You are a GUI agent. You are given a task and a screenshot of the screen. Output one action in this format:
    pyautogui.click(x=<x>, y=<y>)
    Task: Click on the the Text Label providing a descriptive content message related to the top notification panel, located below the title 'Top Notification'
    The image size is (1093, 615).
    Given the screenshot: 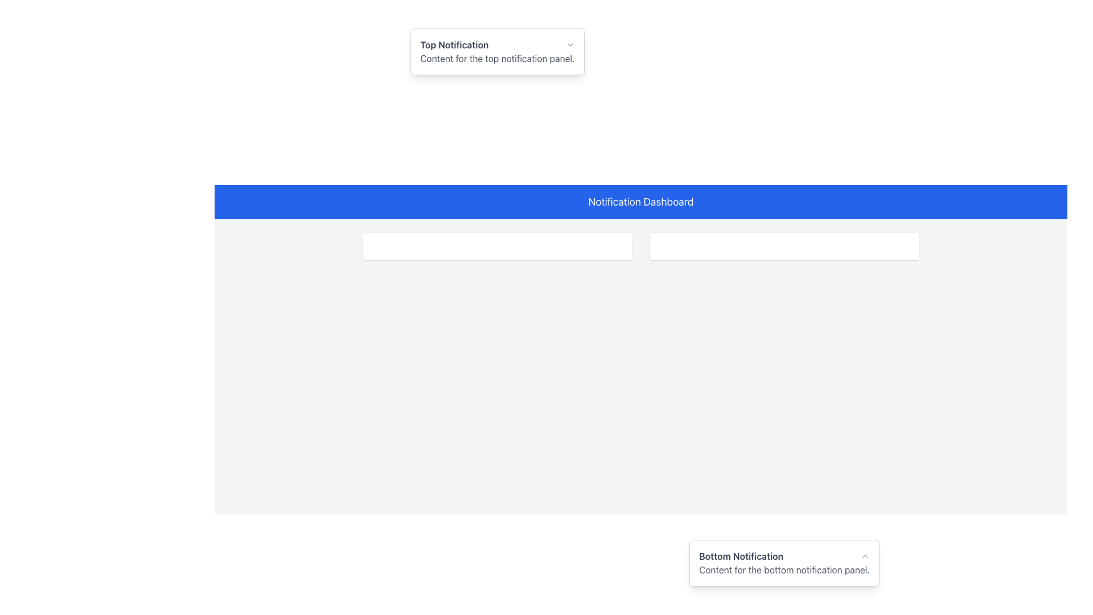 What is the action you would take?
    pyautogui.click(x=497, y=59)
    